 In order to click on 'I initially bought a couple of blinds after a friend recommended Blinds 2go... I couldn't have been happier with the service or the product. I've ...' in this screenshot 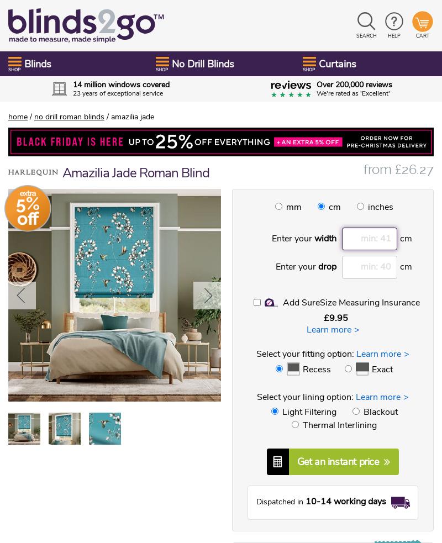, I will do `click(77, 262)`.